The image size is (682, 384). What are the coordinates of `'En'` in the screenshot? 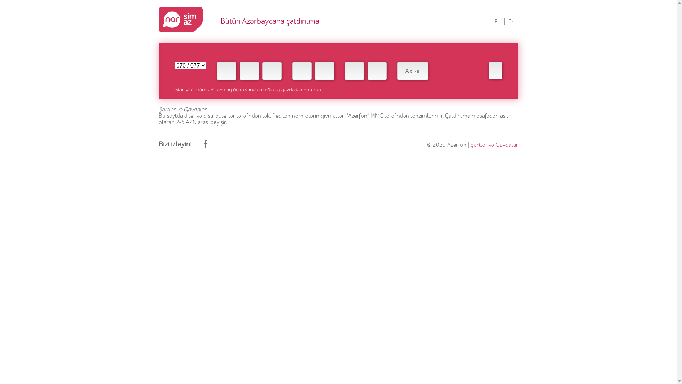 It's located at (511, 21).